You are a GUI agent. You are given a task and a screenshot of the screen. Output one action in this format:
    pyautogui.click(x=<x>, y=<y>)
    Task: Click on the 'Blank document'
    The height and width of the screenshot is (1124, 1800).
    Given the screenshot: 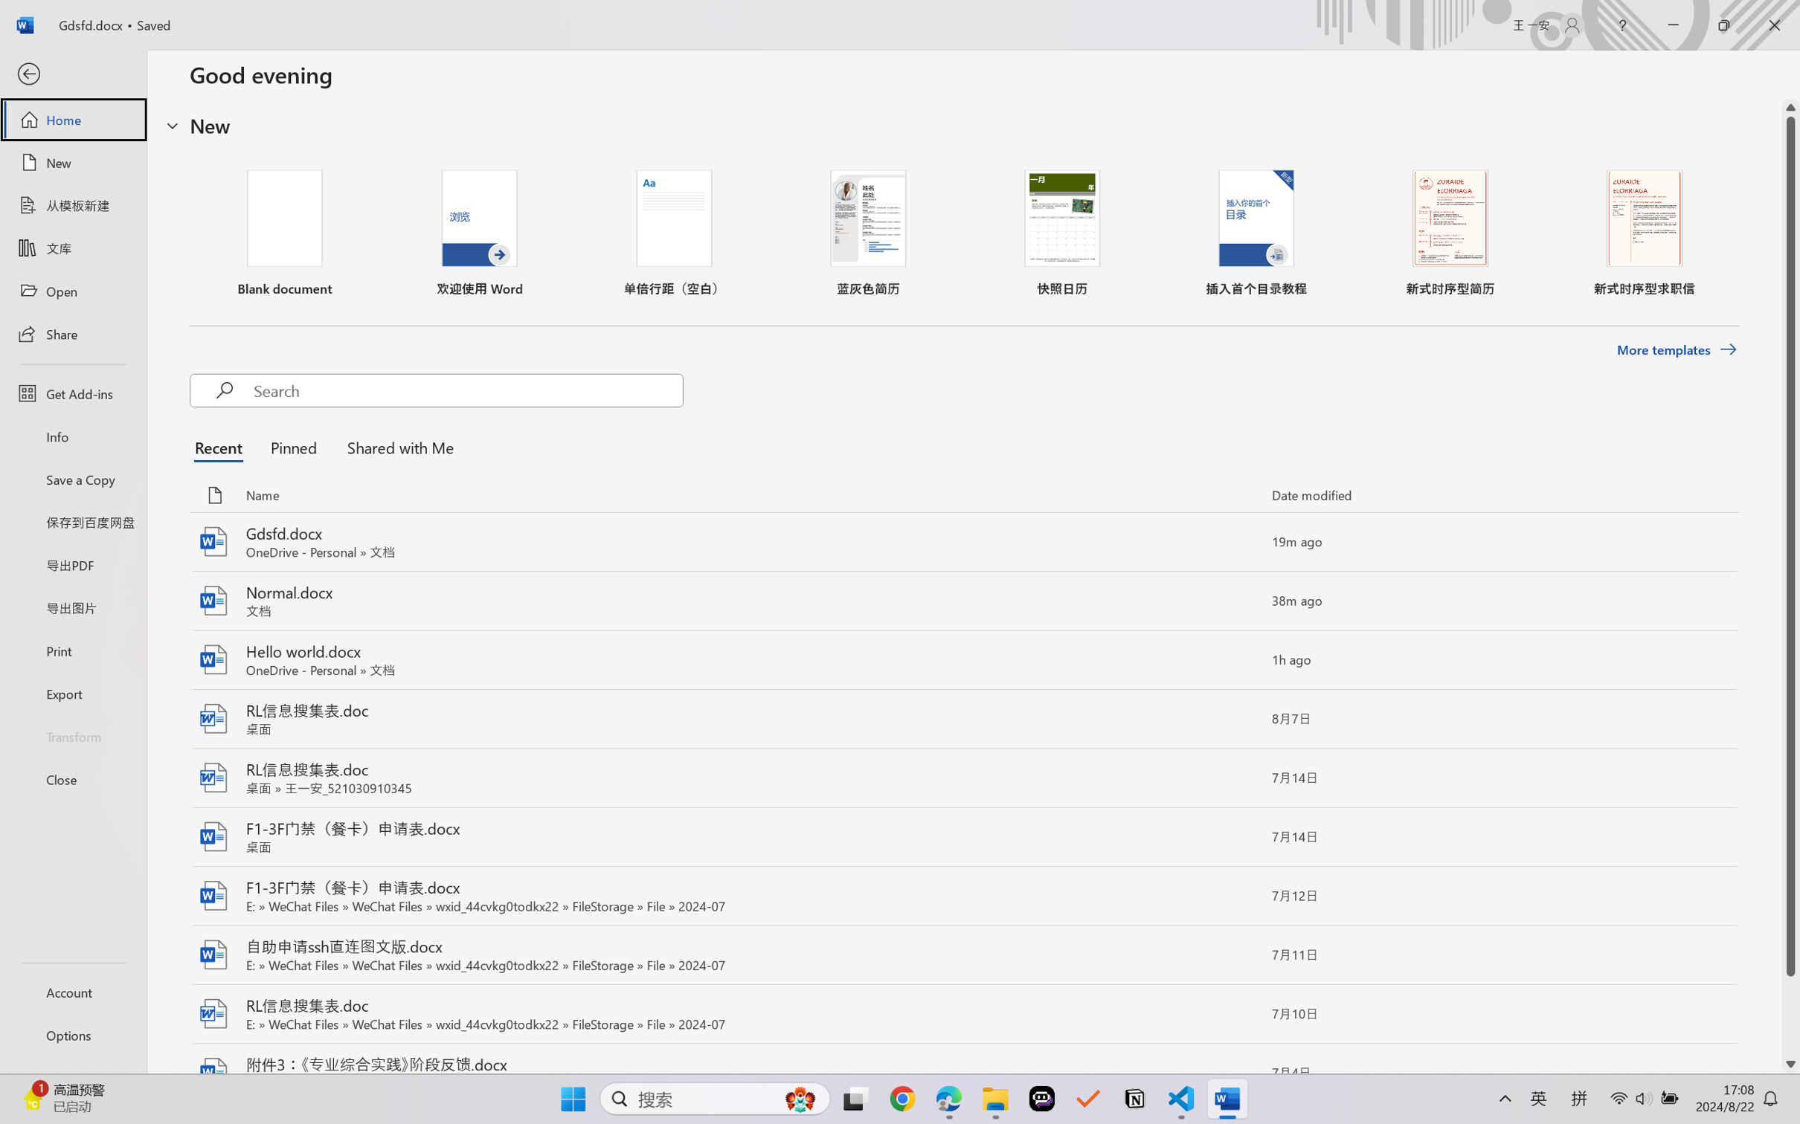 What is the action you would take?
    pyautogui.click(x=284, y=233)
    